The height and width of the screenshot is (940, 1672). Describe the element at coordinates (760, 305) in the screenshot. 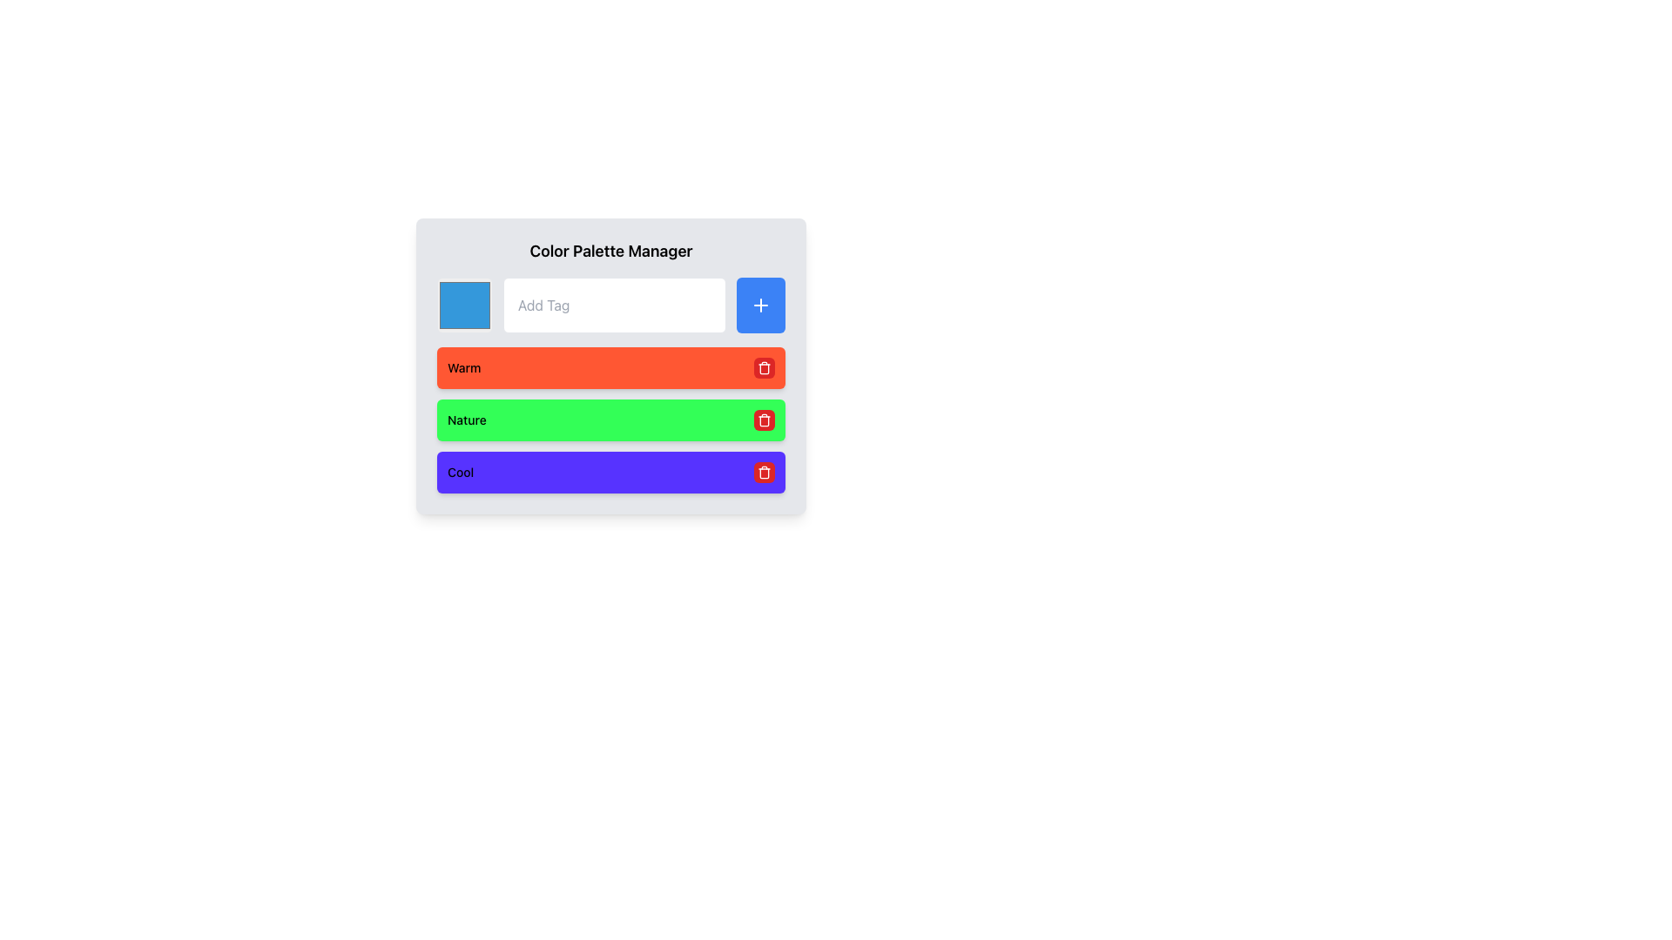

I see `the small blue button with a white plus symbol located on the right side of the input field labeled 'Add Tag' in the 'Color Palette Manager' interface` at that location.